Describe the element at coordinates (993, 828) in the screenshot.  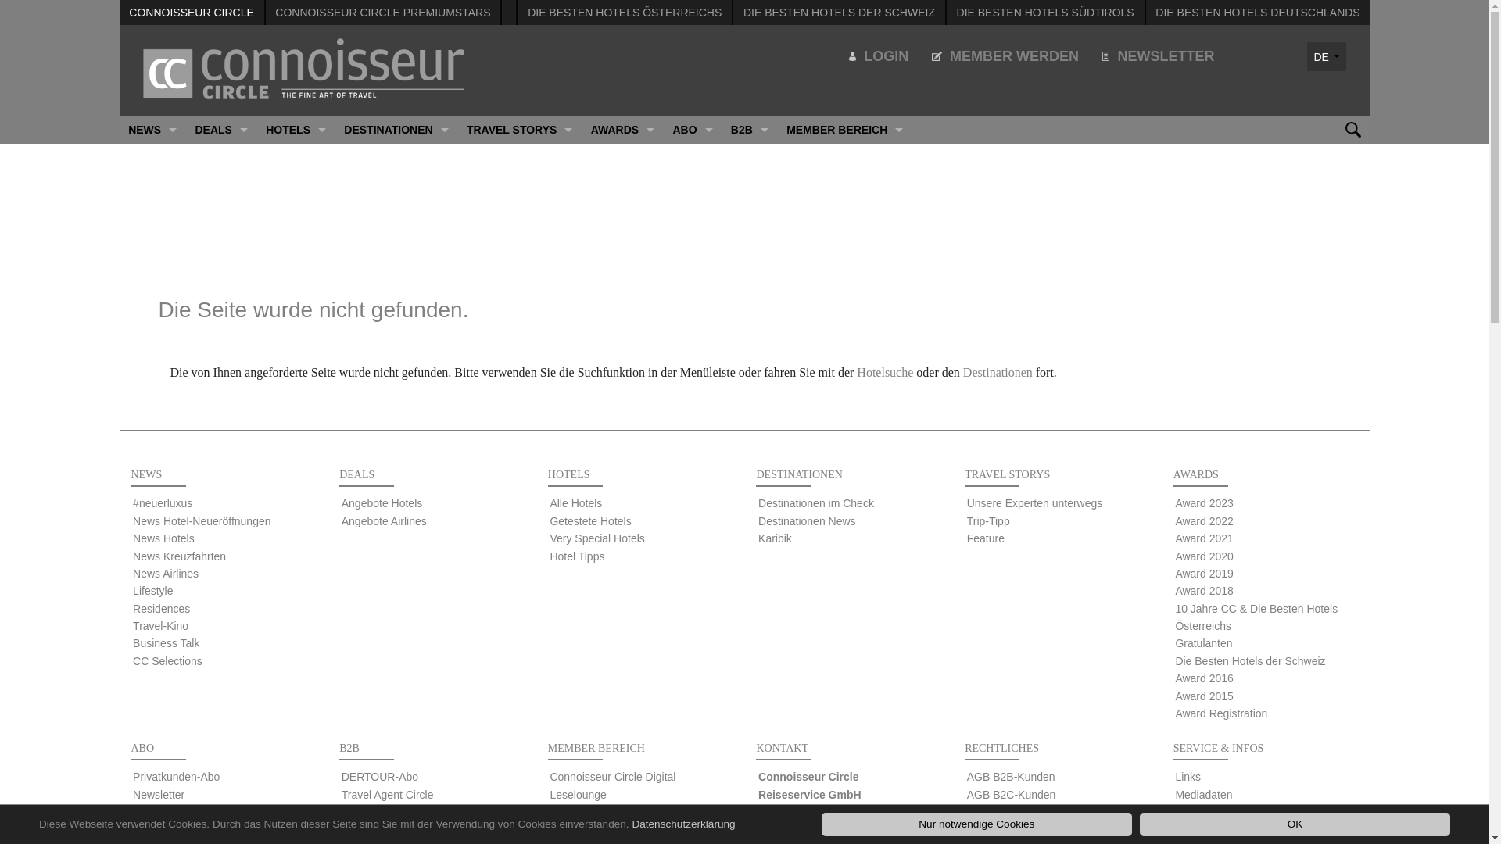
I see `'Impressum'` at that location.